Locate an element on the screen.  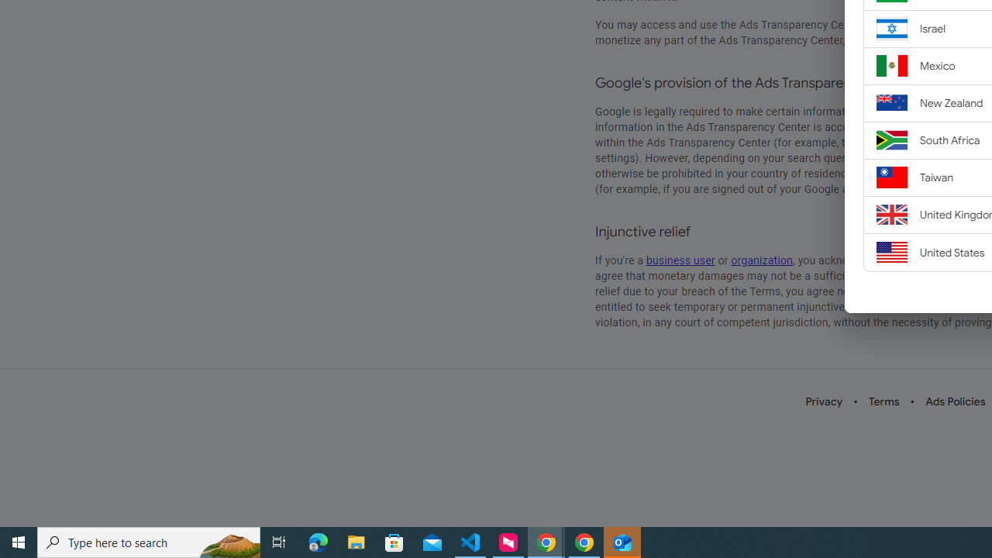
'organization' is located at coordinates (762, 260).